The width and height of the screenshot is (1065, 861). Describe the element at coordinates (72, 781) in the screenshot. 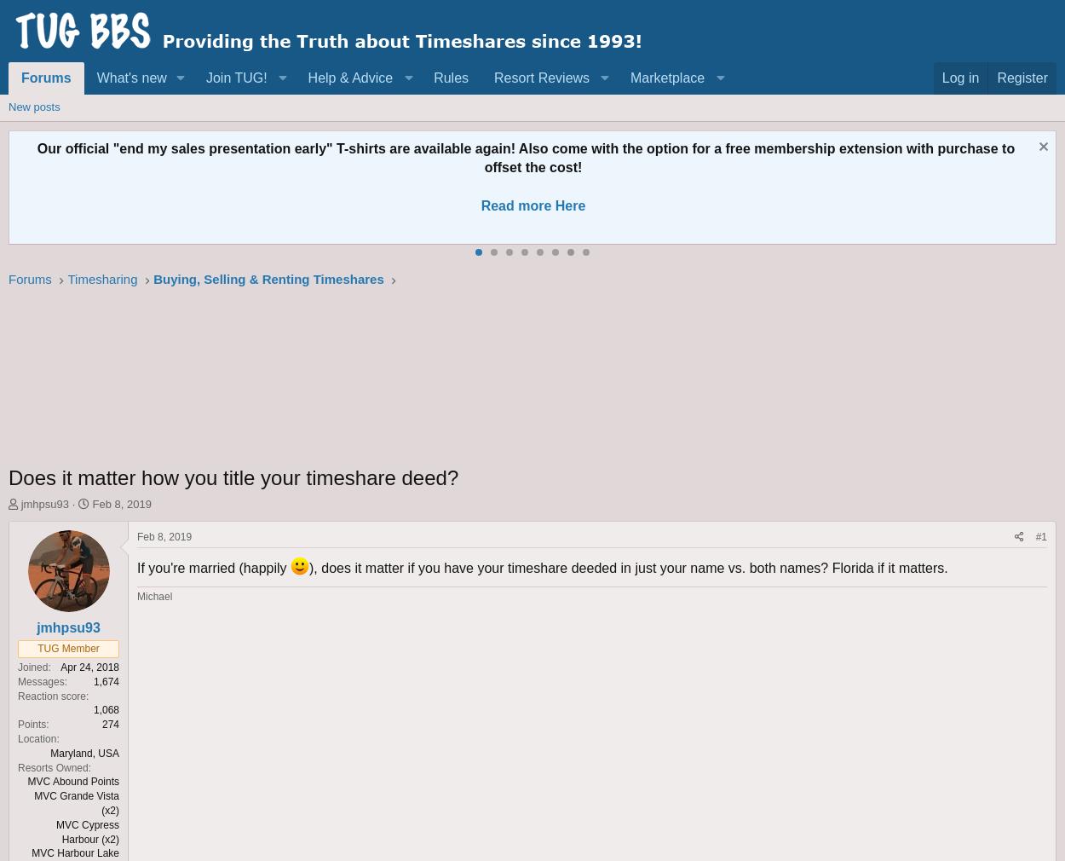

I see `'MVC Abound Points'` at that location.